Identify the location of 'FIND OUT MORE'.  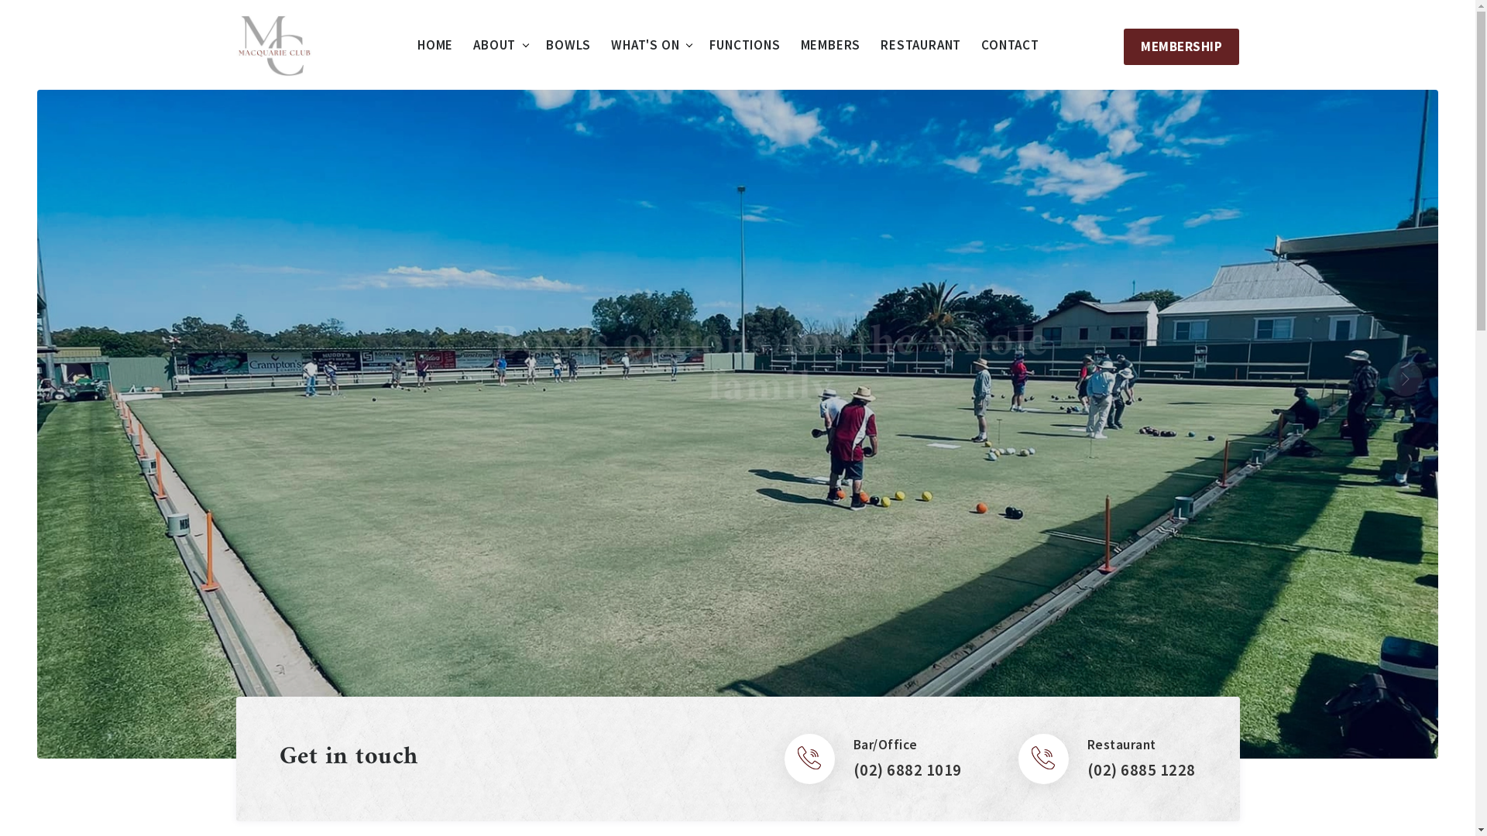
(737, 507).